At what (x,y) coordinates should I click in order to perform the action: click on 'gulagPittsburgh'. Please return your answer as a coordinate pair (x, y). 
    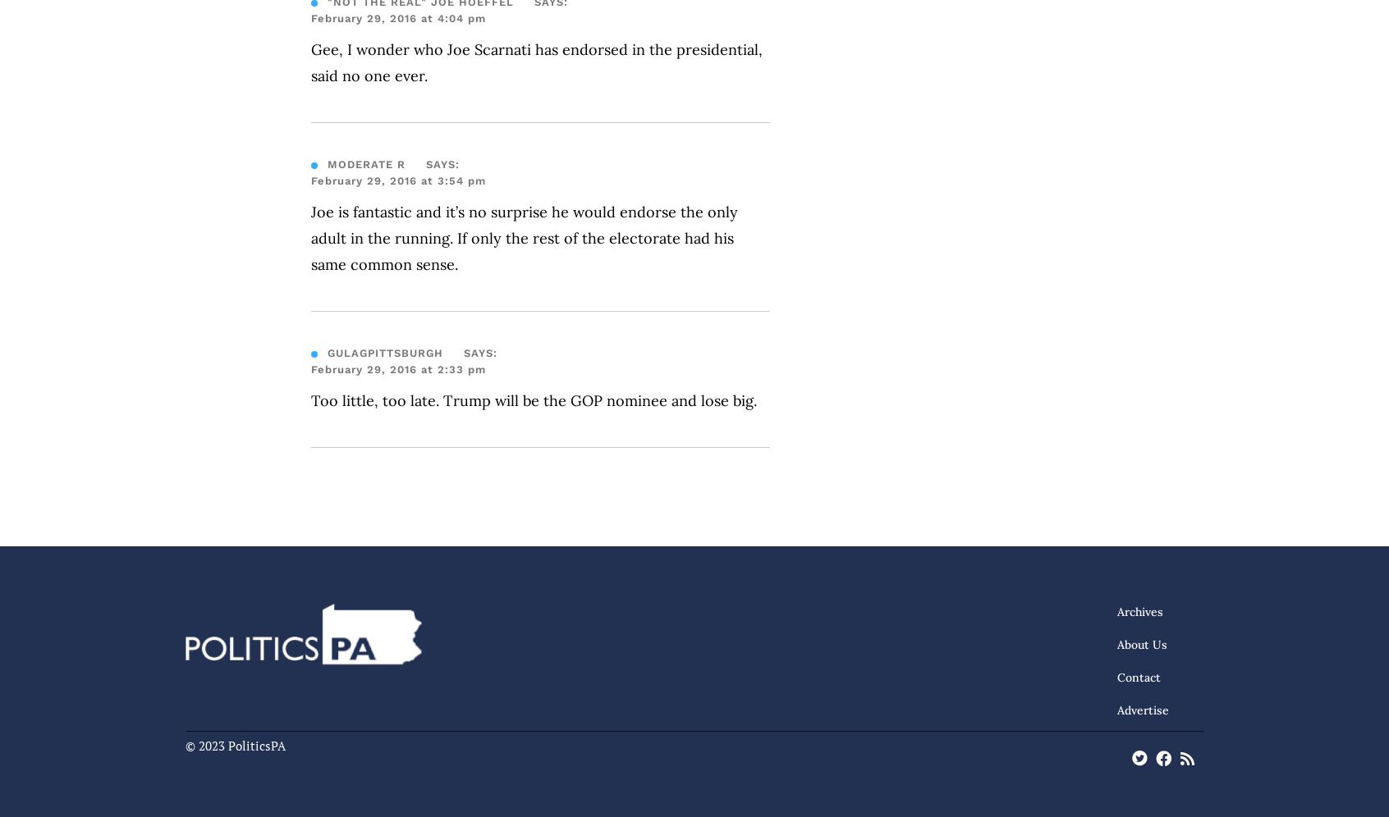
    Looking at the image, I should click on (327, 353).